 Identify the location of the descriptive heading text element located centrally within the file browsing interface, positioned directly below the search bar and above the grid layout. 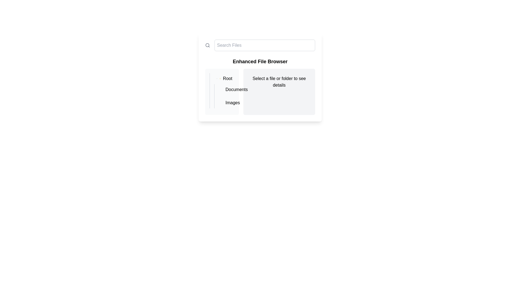
(260, 61).